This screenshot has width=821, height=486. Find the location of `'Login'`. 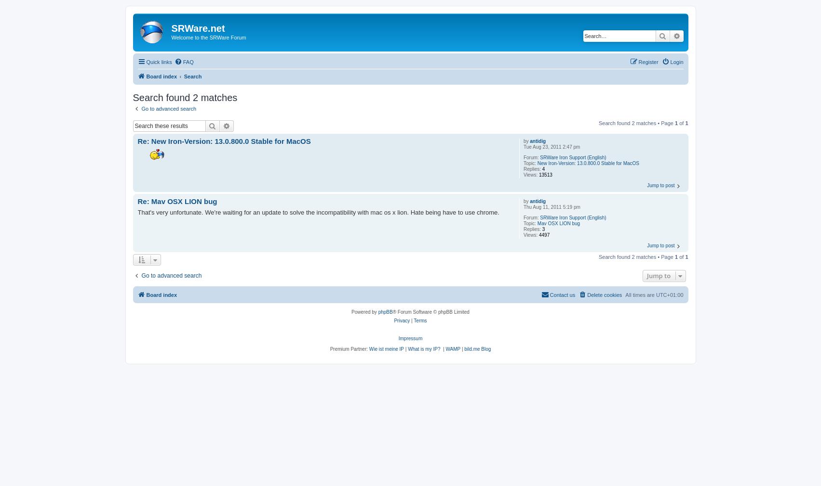

'Login' is located at coordinates (670, 61).